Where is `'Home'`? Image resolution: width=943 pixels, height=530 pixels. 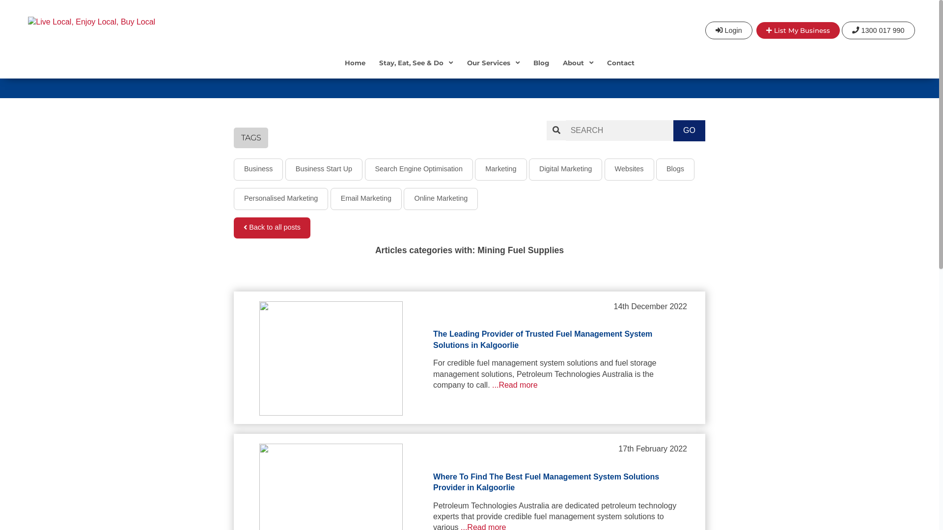
'Home' is located at coordinates (355, 69).